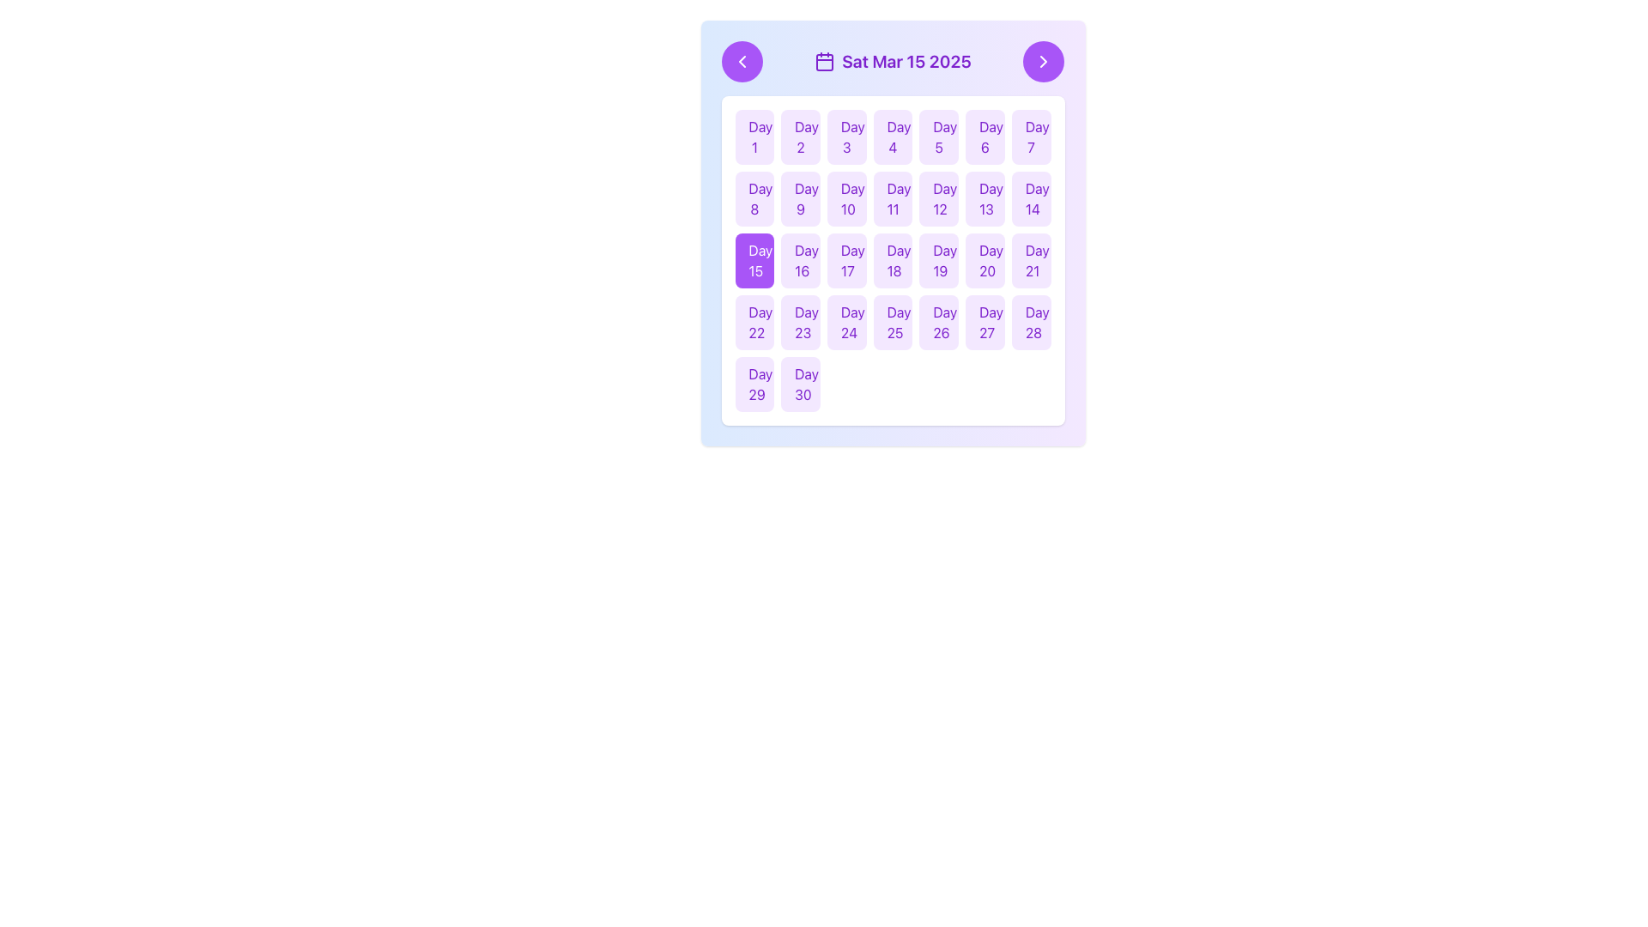  I want to click on the 'Day 18' button, which is a purple-outline button with white background and purple text, so click(893, 261).